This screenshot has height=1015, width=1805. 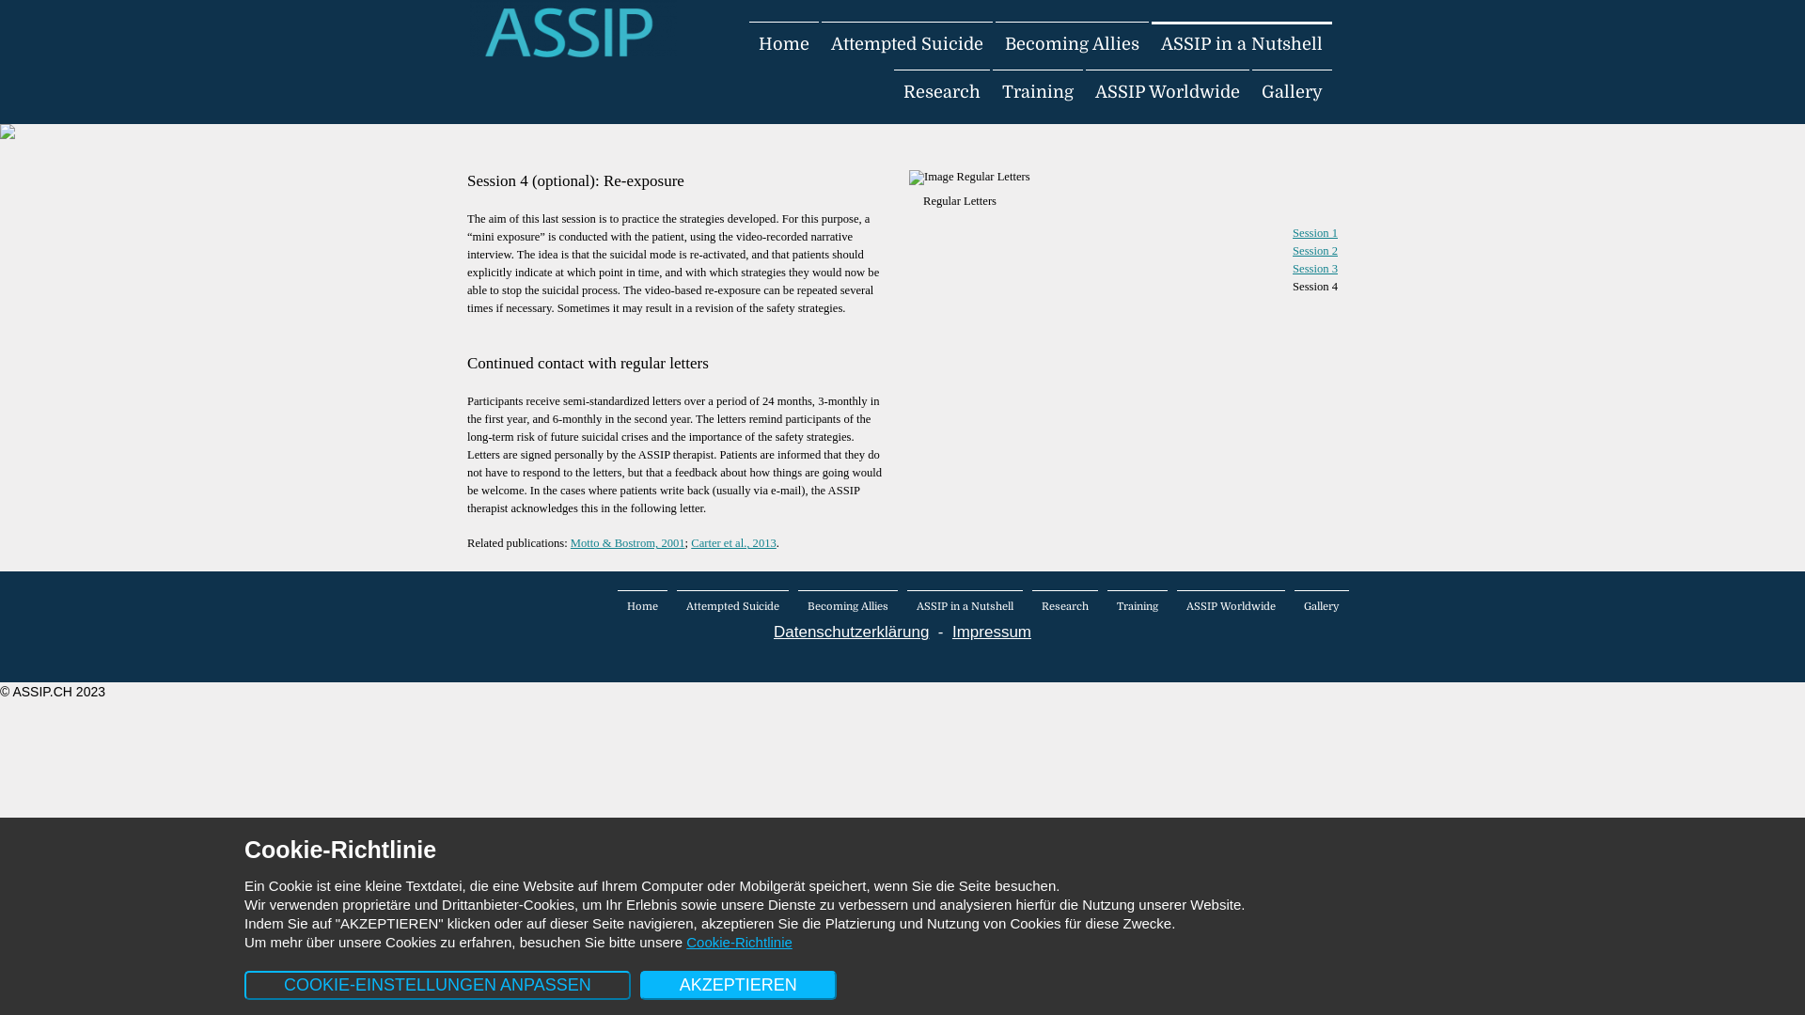 What do you see at coordinates (847, 605) in the screenshot?
I see `'Becoming Allies'` at bounding box center [847, 605].